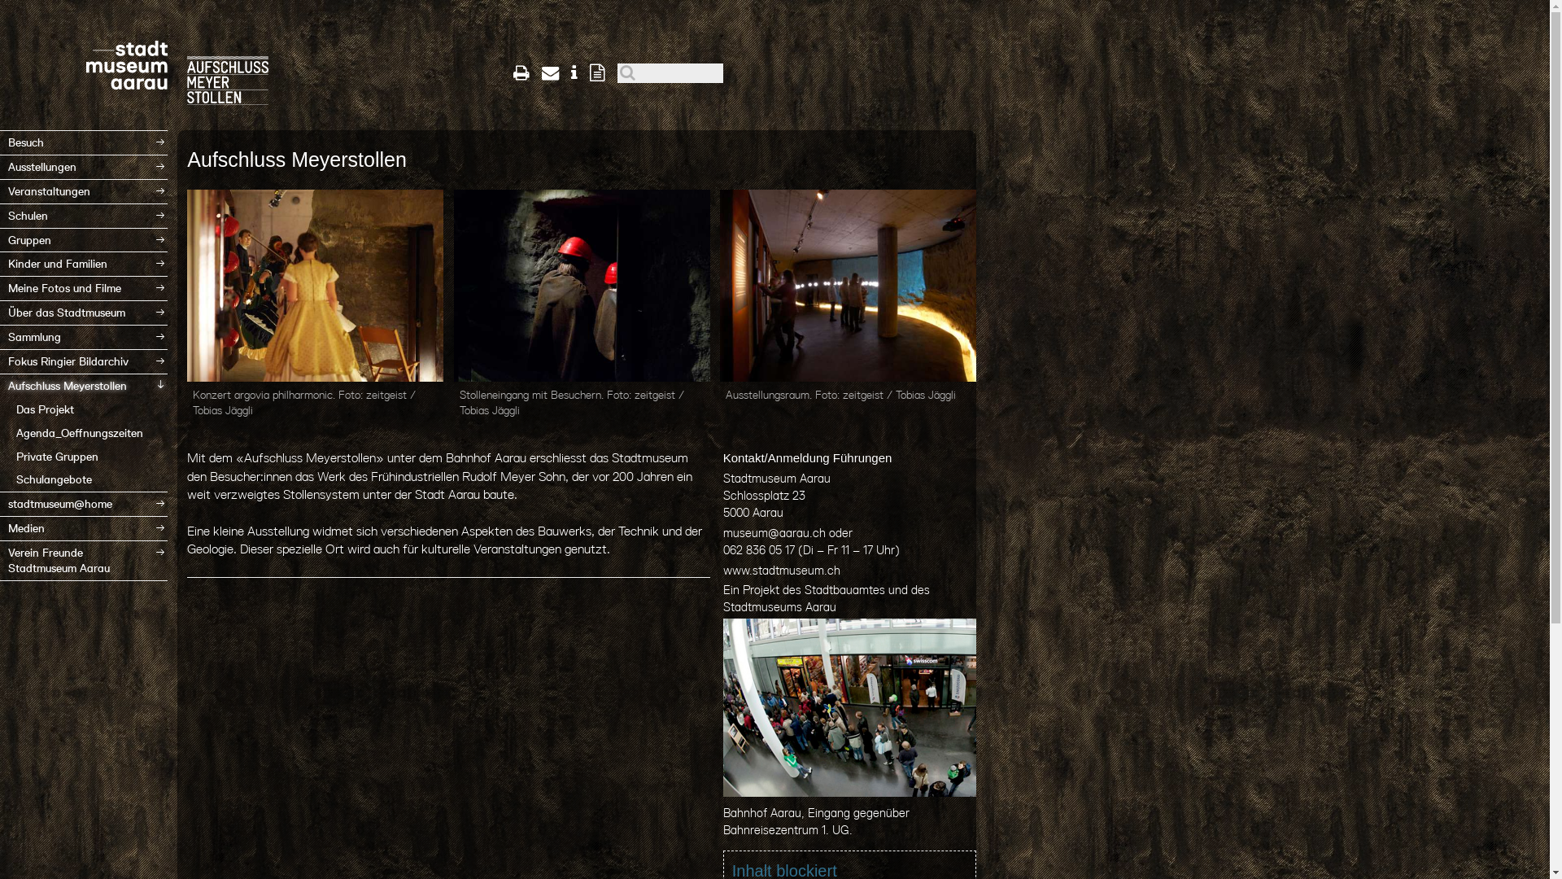 The height and width of the screenshot is (879, 1562). What do you see at coordinates (82, 336) in the screenshot?
I see `'Sammlung'` at bounding box center [82, 336].